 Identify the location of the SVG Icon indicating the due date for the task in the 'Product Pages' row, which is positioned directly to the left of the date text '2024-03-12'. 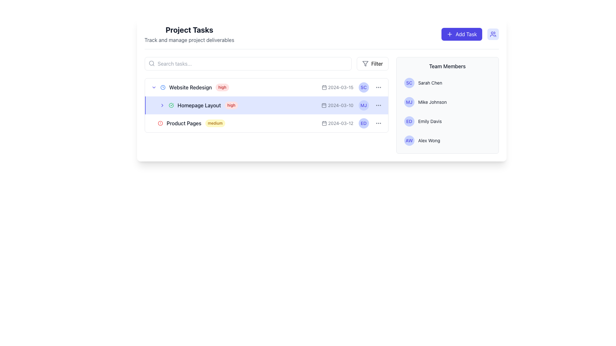
(324, 123).